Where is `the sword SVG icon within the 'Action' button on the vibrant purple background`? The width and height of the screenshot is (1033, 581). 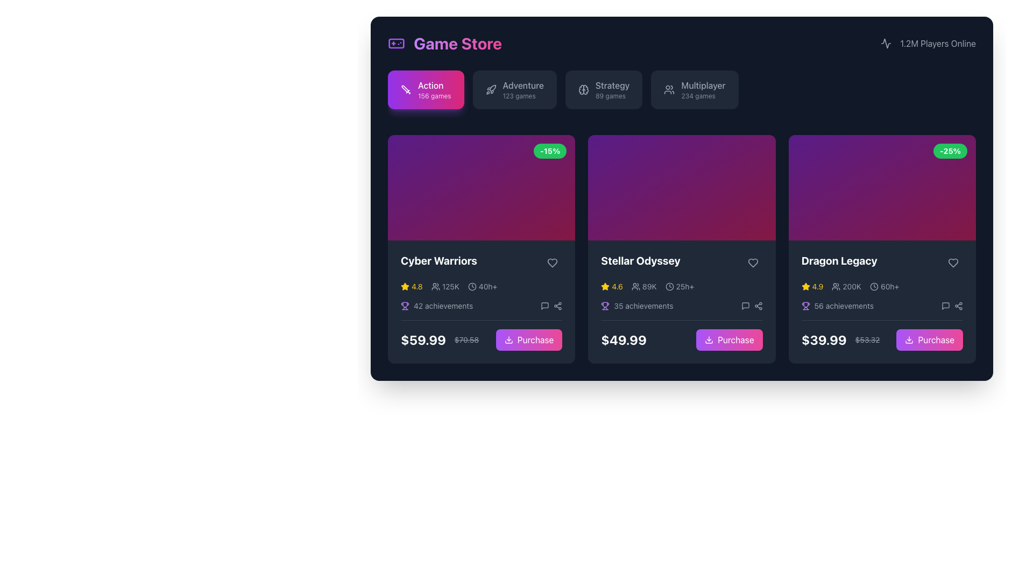
the sword SVG icon within the 'Action' button on the vibrant purple background is located at coordinates (405, 88).